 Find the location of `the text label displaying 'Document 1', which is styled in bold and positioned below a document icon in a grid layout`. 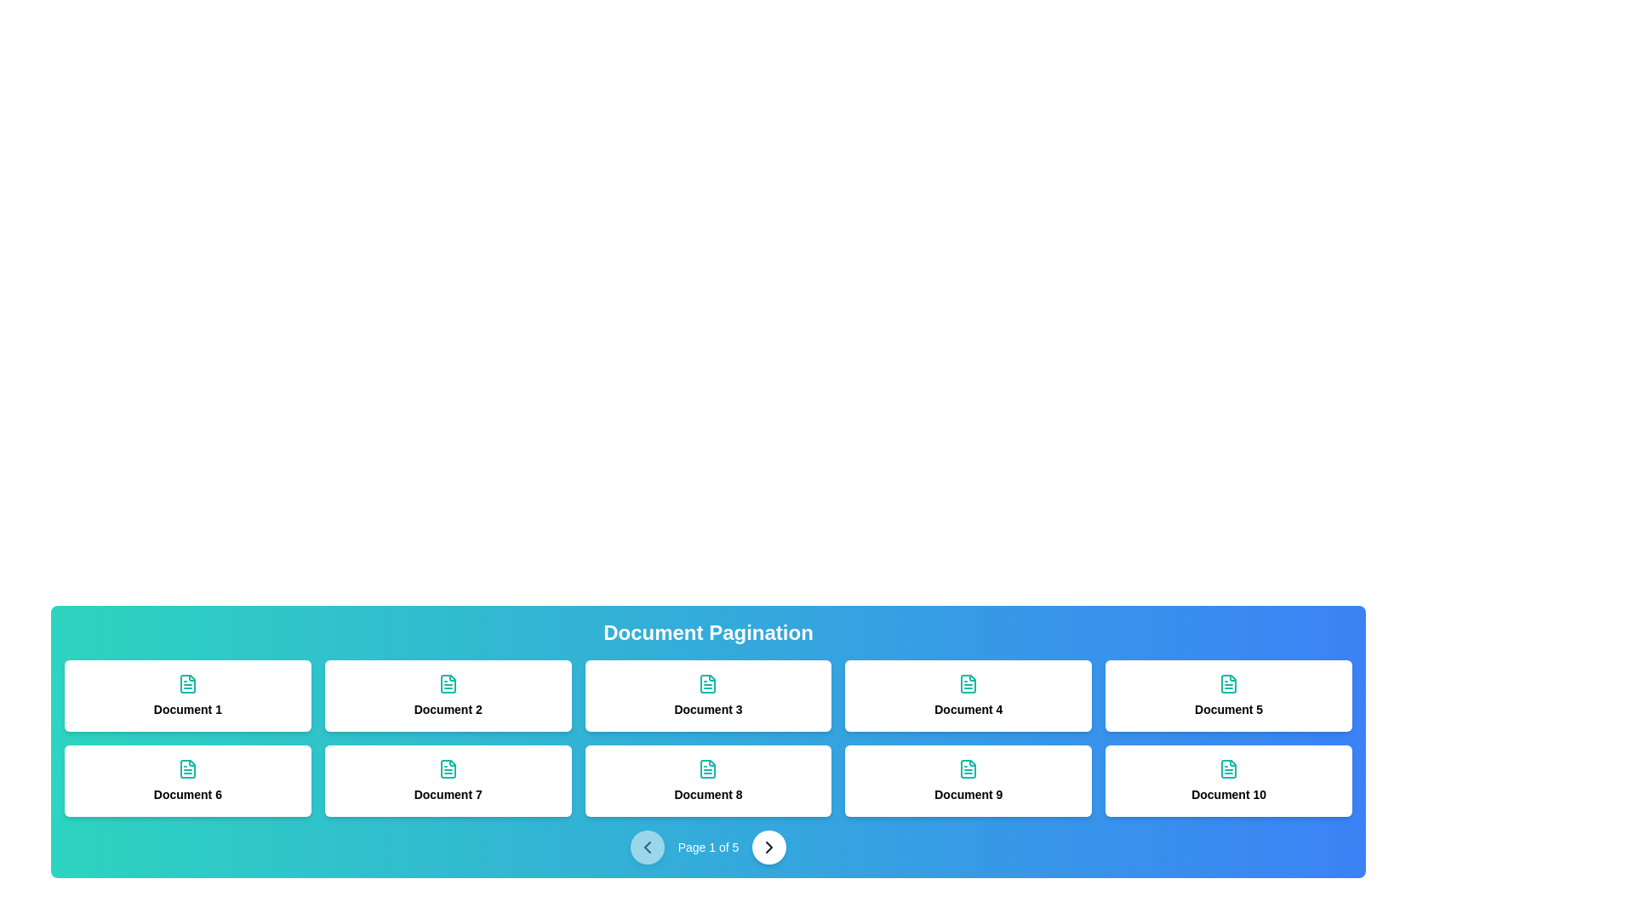

the text label displaying 'Document 1', which is styled in bold and positioned below a document icon in a grid layout is located at coordinates (187, 709).